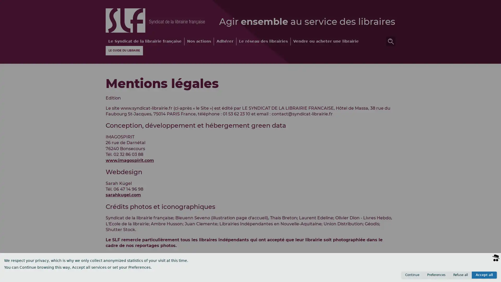 The image size is (501, 282). I want to click on Preferences, so click(436, 275).